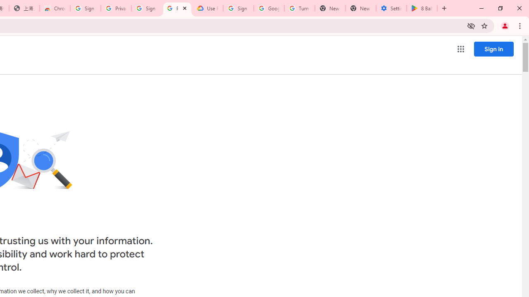 The height and width of the screenshot is (297, 529). Describe the element at coordinates (391, 8) in the screenshot. I see `'Settings - System'` at that location.